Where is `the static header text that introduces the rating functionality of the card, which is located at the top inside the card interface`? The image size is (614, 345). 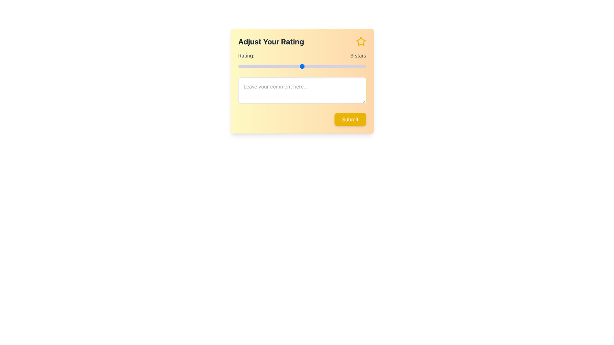
the static header text that introduces the rating functionality of the card, which is located at the top inside the card interface is located at coordinates (302, 42).